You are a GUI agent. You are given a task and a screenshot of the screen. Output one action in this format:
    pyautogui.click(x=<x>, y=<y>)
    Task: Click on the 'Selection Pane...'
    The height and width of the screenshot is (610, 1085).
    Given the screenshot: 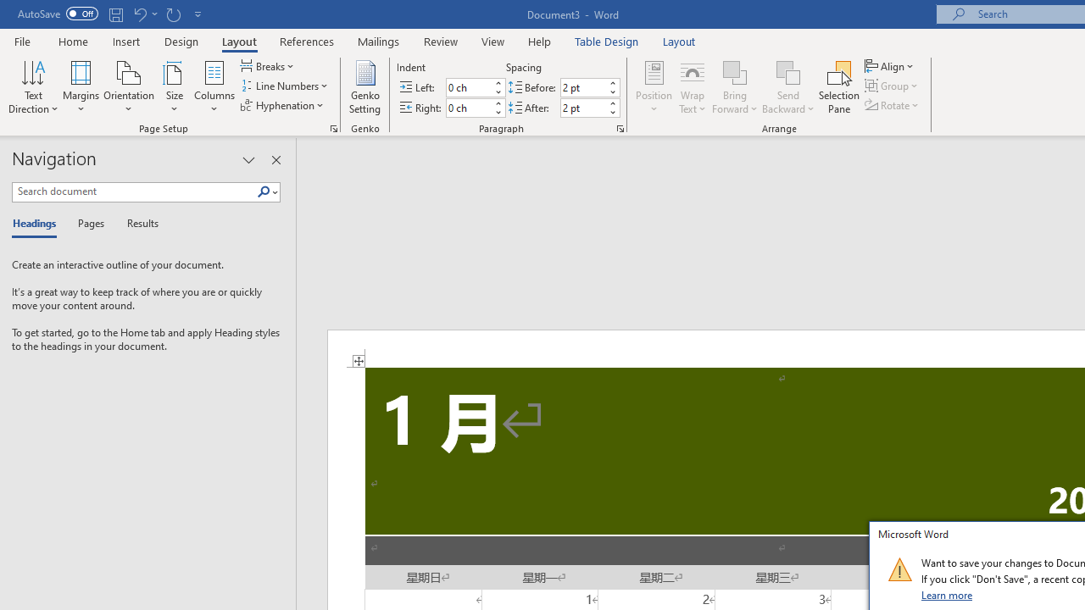 What is the action you would take?
    pyautogui.click(x=839, y=87)
    